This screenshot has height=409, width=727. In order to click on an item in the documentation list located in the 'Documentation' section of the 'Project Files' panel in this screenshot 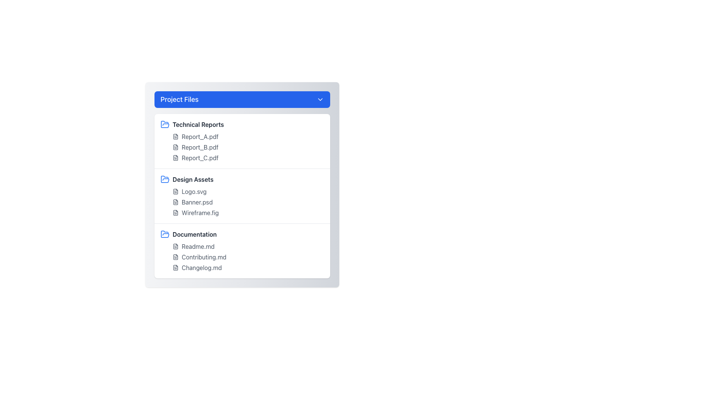, I will do `click(242, 256)`.